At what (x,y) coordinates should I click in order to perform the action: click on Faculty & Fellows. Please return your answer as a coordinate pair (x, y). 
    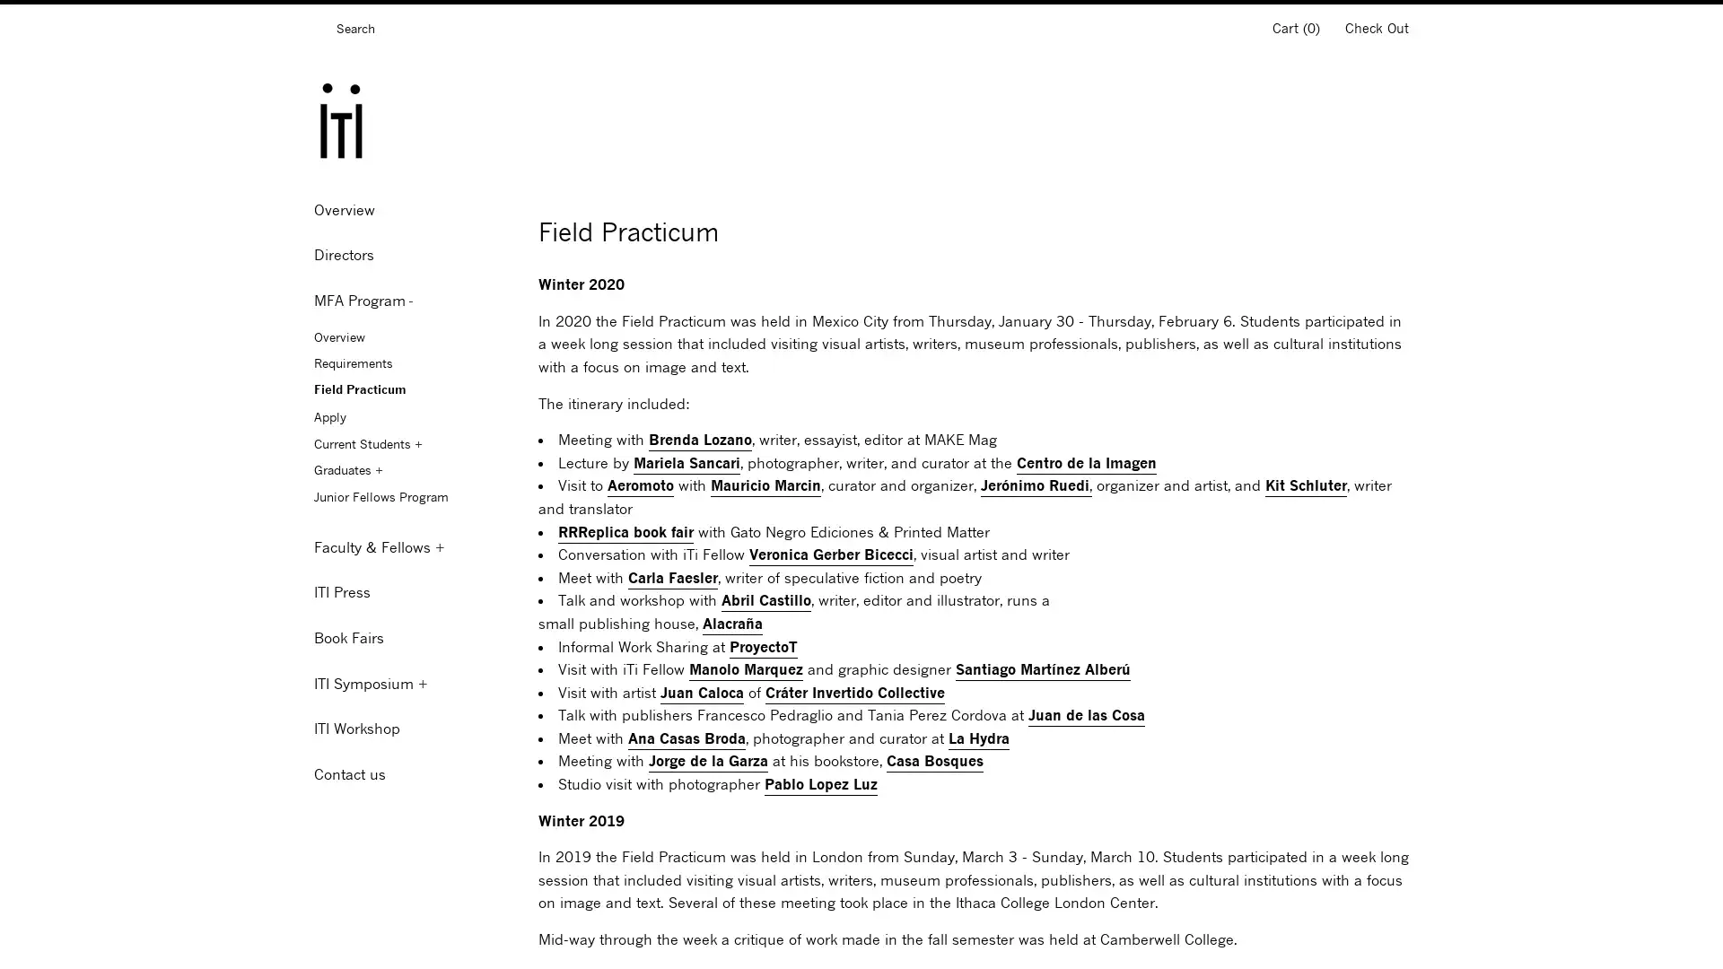
    Looking at the image, I should click on (412, 546).